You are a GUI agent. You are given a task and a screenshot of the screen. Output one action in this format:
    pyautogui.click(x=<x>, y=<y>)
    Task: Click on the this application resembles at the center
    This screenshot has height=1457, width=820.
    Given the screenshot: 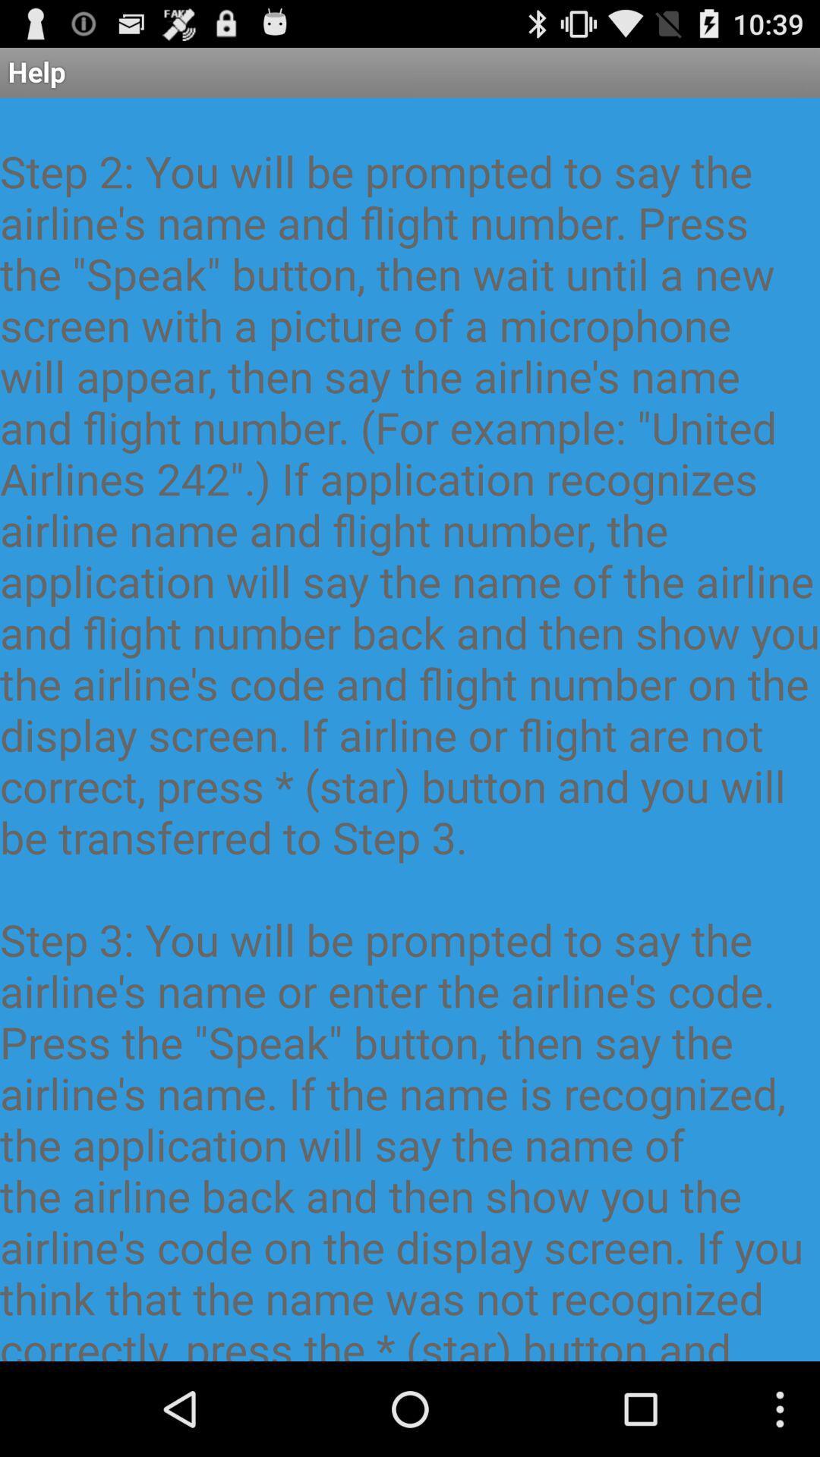 What is the action you would take?
    pyautogui.click(x=410, y=729)
    